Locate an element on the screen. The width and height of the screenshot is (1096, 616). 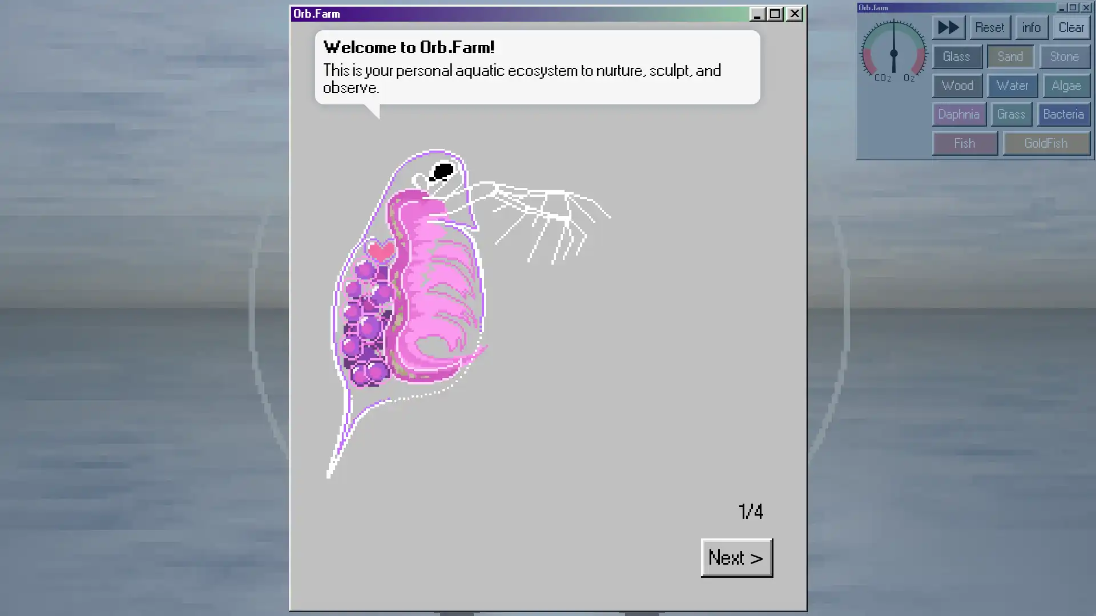
Glass is located at coordinates (510, 29).